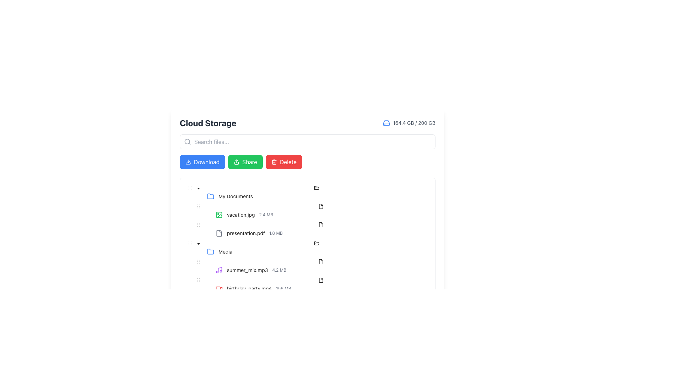  I want to click on the Tree node representing the file 'birthday_party.mp4' located under the 'Media' folder, so click(320, 288).